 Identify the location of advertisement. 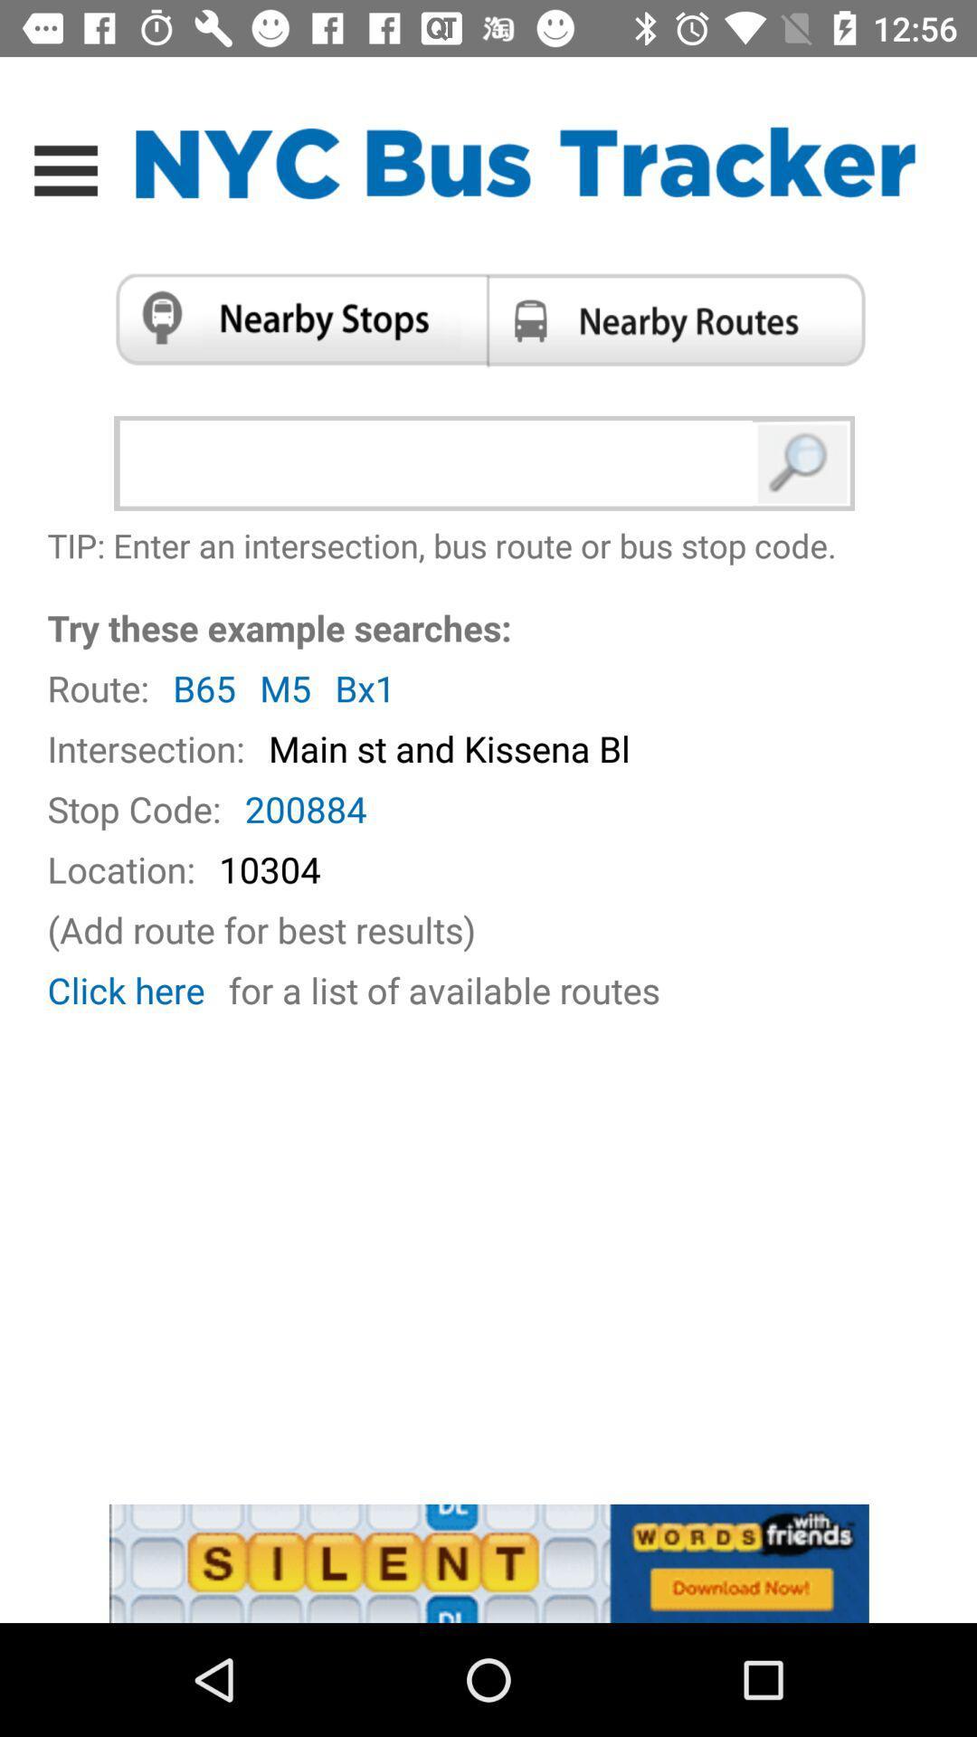
(488, 1562).